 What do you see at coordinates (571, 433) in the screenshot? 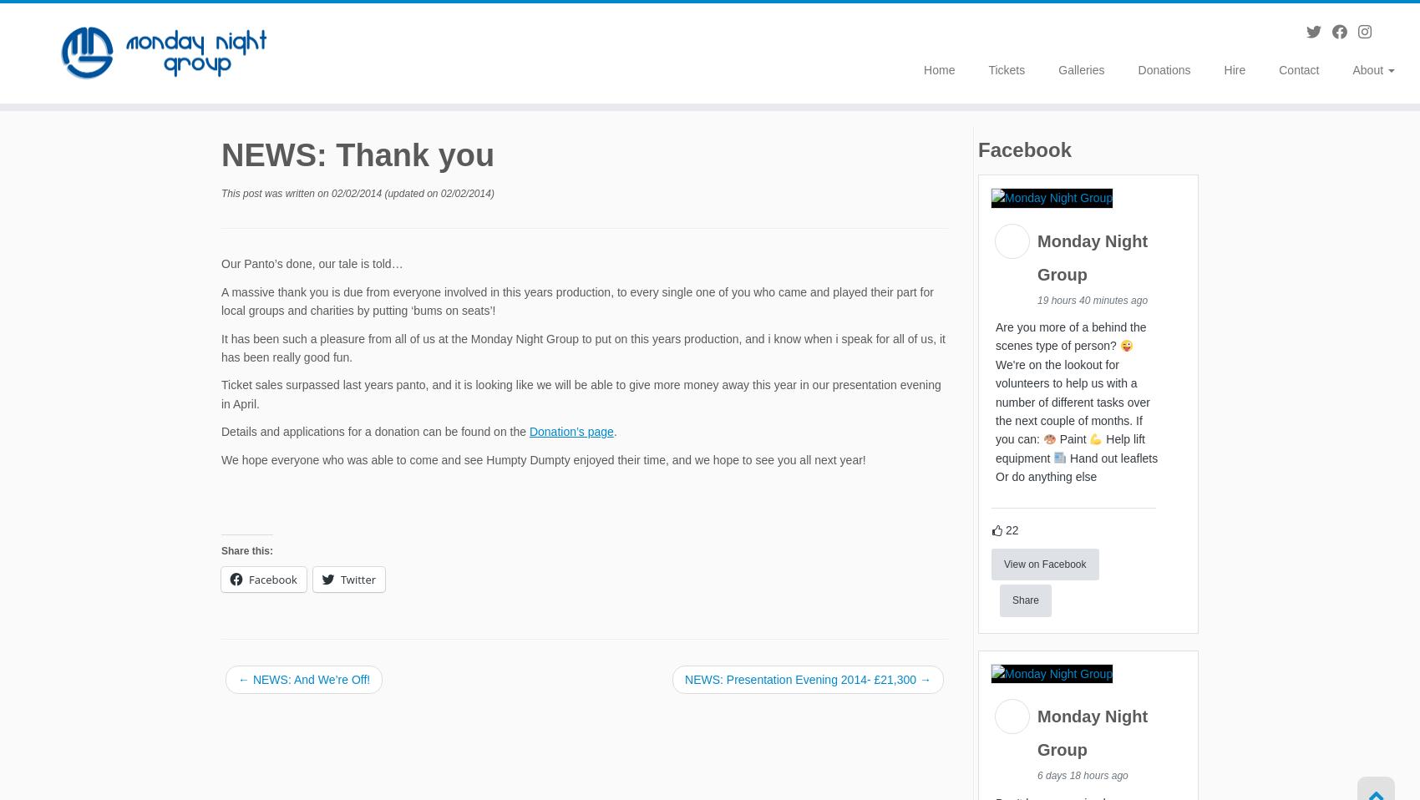
I see `'Donation’s page'` at bounding box center [571, 433].